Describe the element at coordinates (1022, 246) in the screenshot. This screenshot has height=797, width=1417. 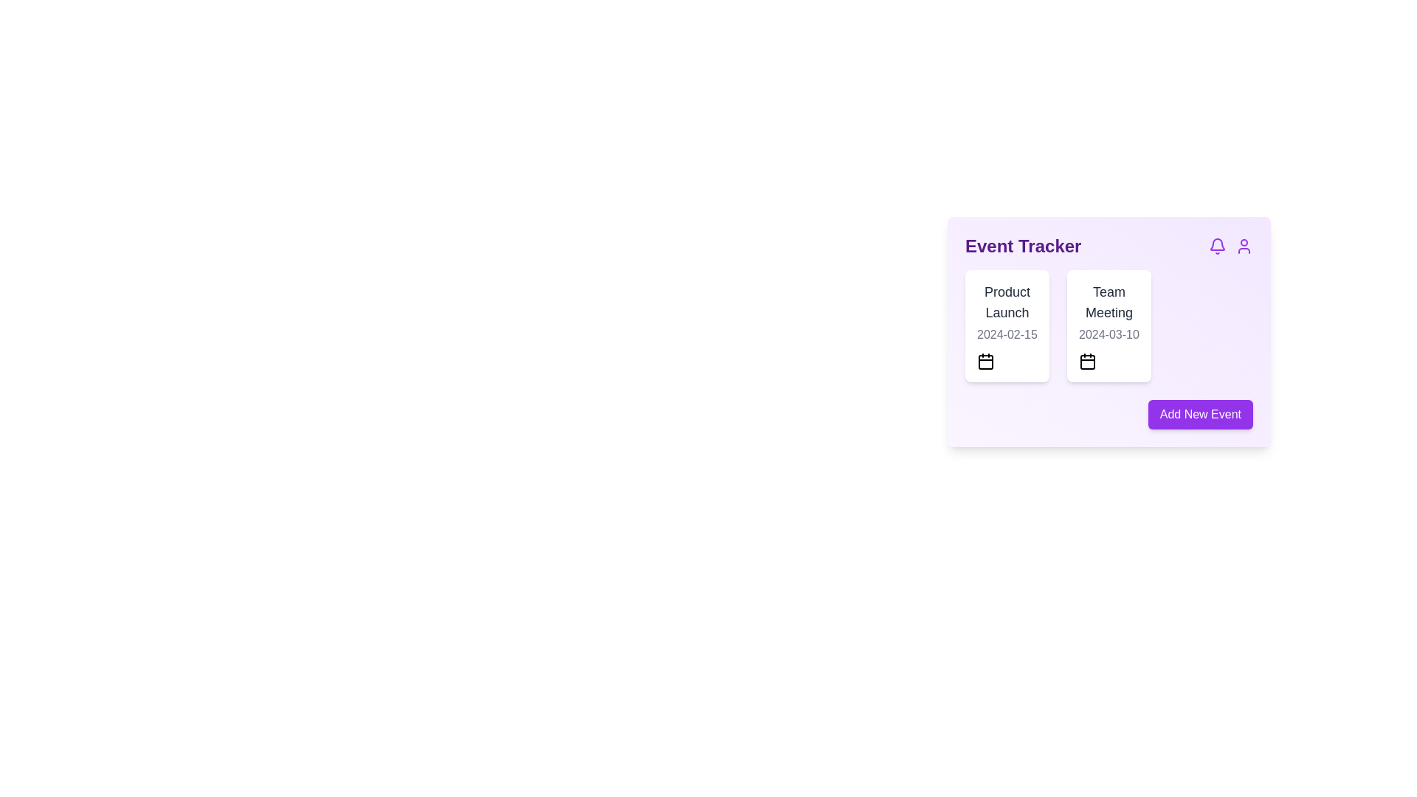
I see `the bold, large-font text displaying 'Event Tracker' located at the top left of a light purple card-like section` at that location.